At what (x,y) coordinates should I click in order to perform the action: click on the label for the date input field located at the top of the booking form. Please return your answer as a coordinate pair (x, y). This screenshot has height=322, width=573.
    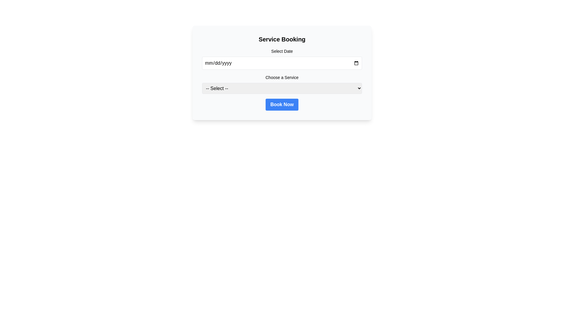
    Looking at the image, I should click on (282, 51).